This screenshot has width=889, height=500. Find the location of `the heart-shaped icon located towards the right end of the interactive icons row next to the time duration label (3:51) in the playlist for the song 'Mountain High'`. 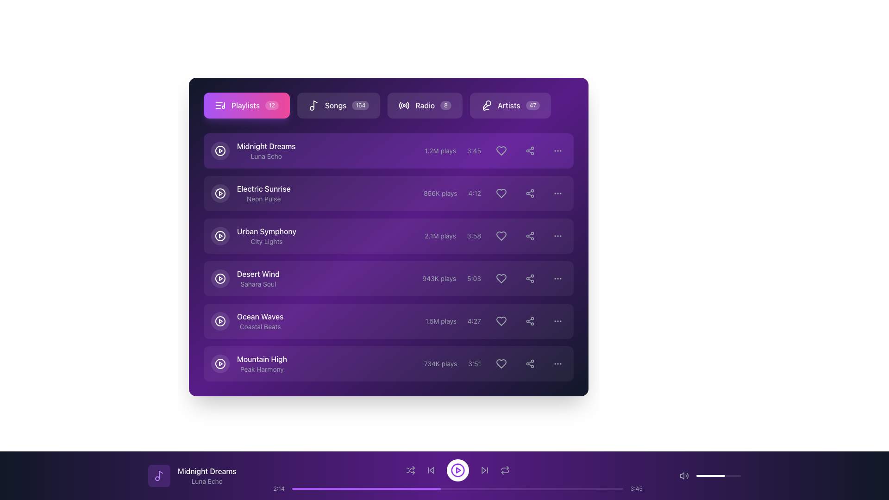

the heart-shaped icon located towards the right end of the interactive icons row next to the time duration label (3:51) in the playlist for the song 'Mountain High' is located at coordinates (495, 363).